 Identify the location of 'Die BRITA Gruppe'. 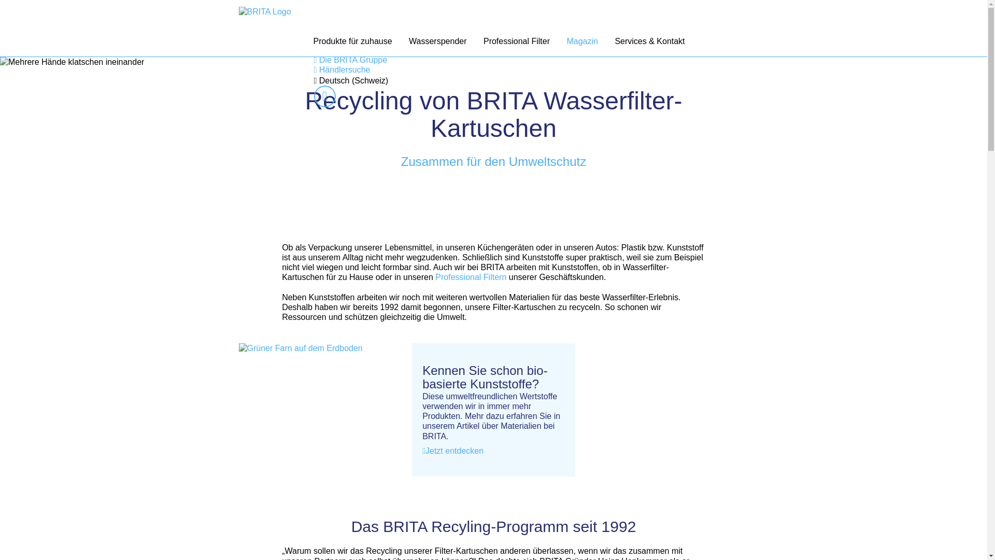
(350, 60).